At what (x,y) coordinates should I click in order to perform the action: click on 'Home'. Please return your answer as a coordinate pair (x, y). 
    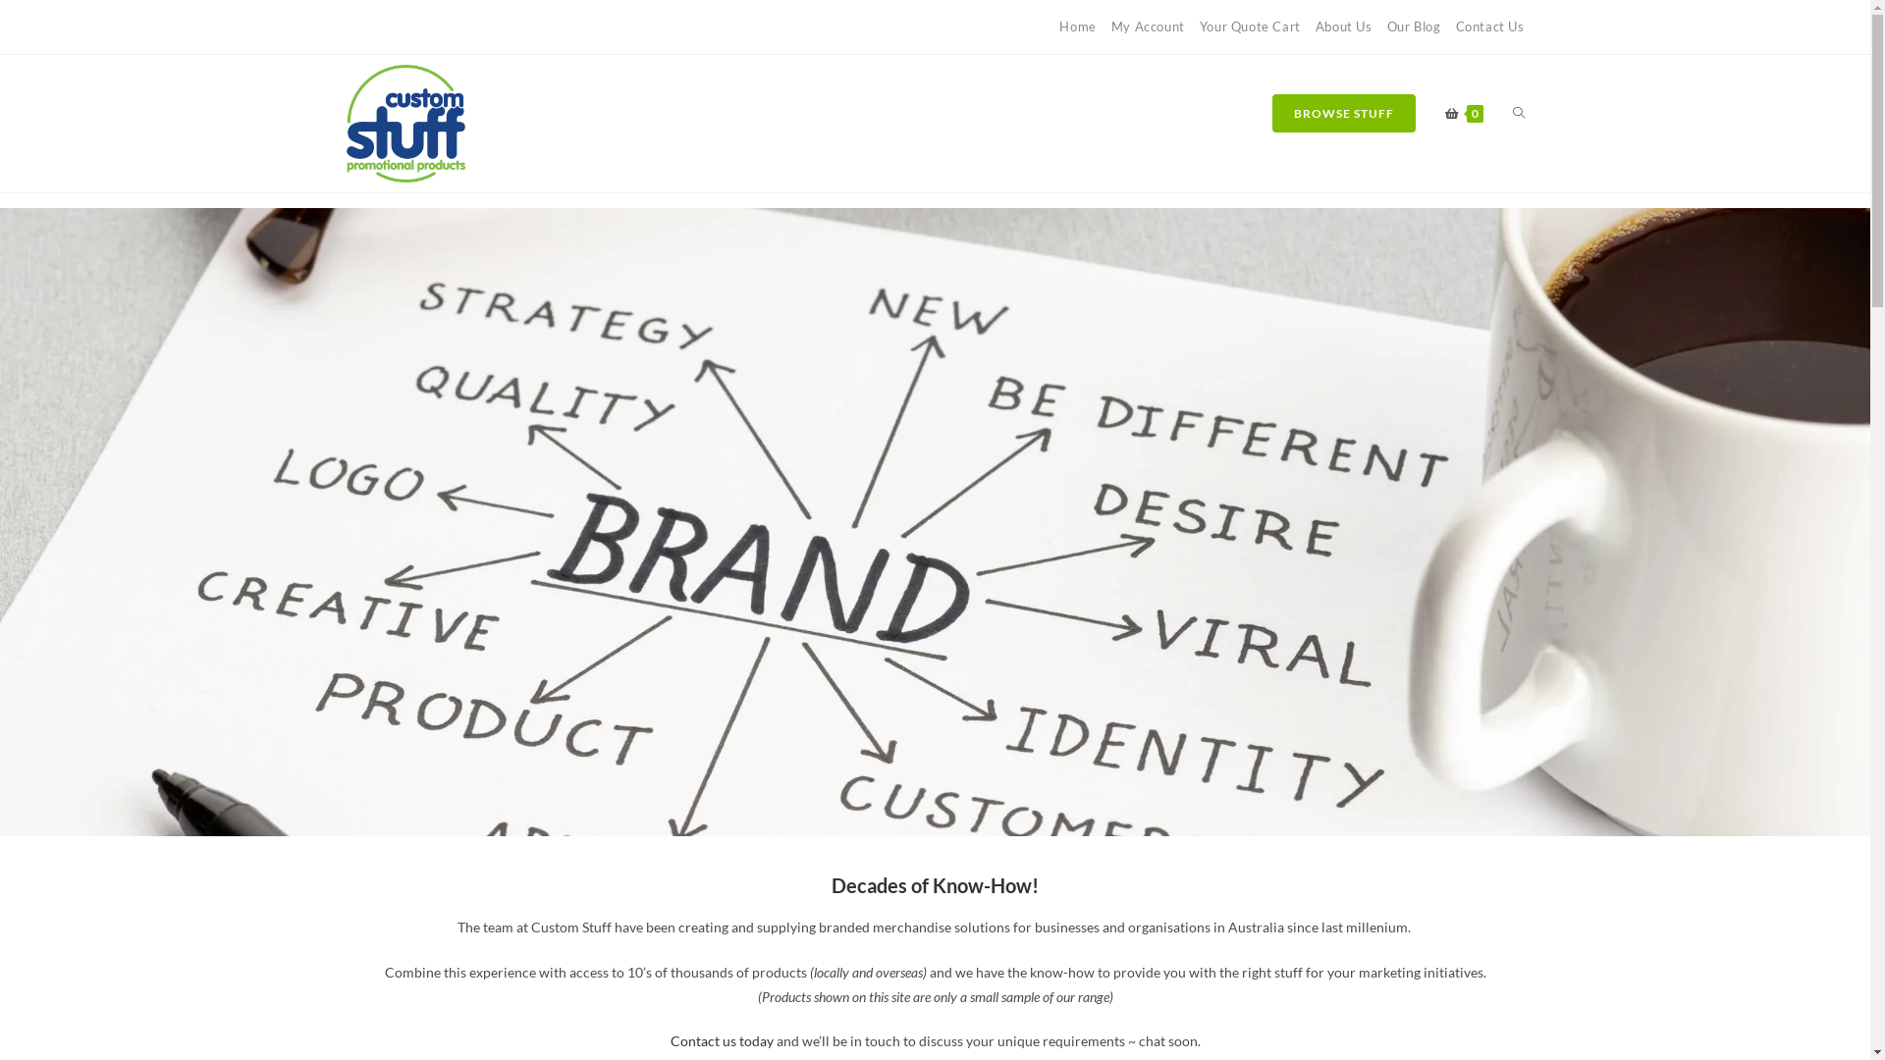
    Looking at the image, I should click on (1076, 26).